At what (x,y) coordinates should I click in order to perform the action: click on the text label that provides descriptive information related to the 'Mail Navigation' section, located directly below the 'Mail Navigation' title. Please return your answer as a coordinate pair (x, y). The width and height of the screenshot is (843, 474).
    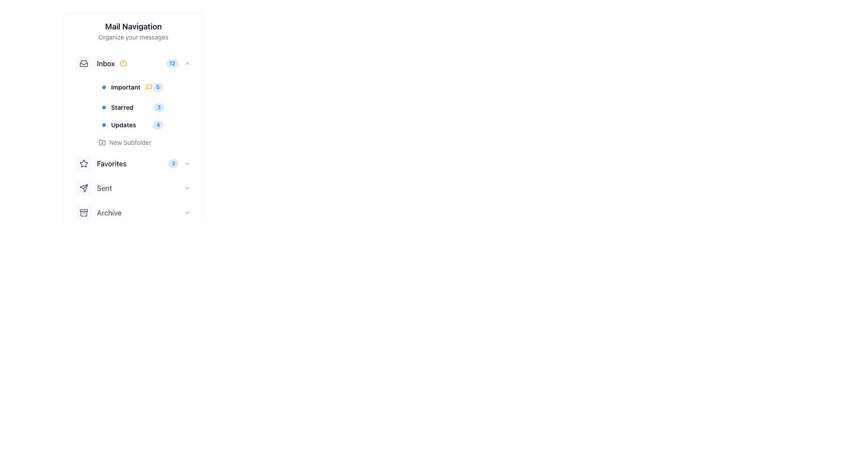
    Looking at the image, I should click on (133, 36).